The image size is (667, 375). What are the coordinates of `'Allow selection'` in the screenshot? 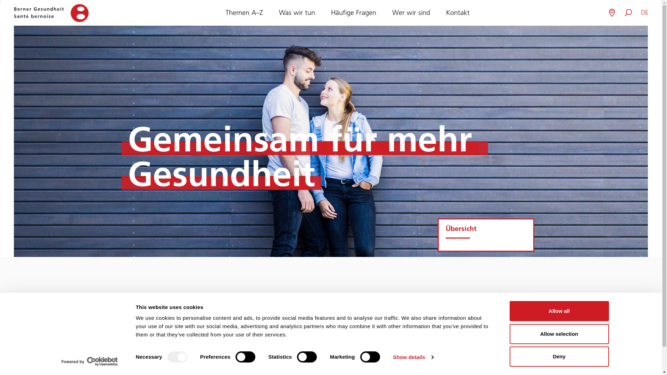 It's located at (559, 333).